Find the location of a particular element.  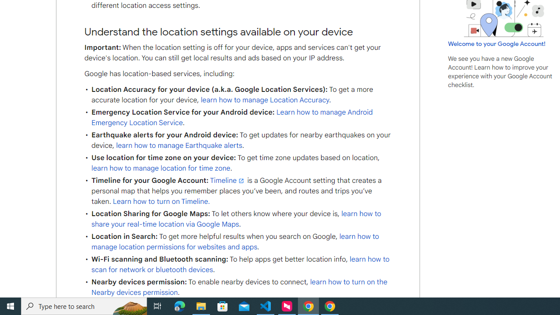

'Learn how to manage Android Emergency Location Service' is located at coordinates (232, 117).